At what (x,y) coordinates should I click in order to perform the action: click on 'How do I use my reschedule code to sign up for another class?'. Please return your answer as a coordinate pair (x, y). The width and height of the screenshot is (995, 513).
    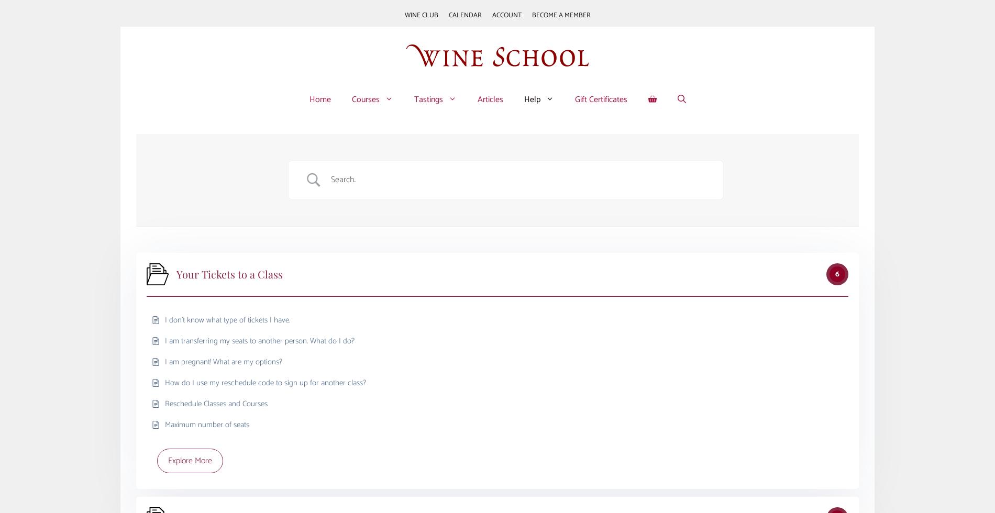
    Looking at the image, I should click on (164, 382).